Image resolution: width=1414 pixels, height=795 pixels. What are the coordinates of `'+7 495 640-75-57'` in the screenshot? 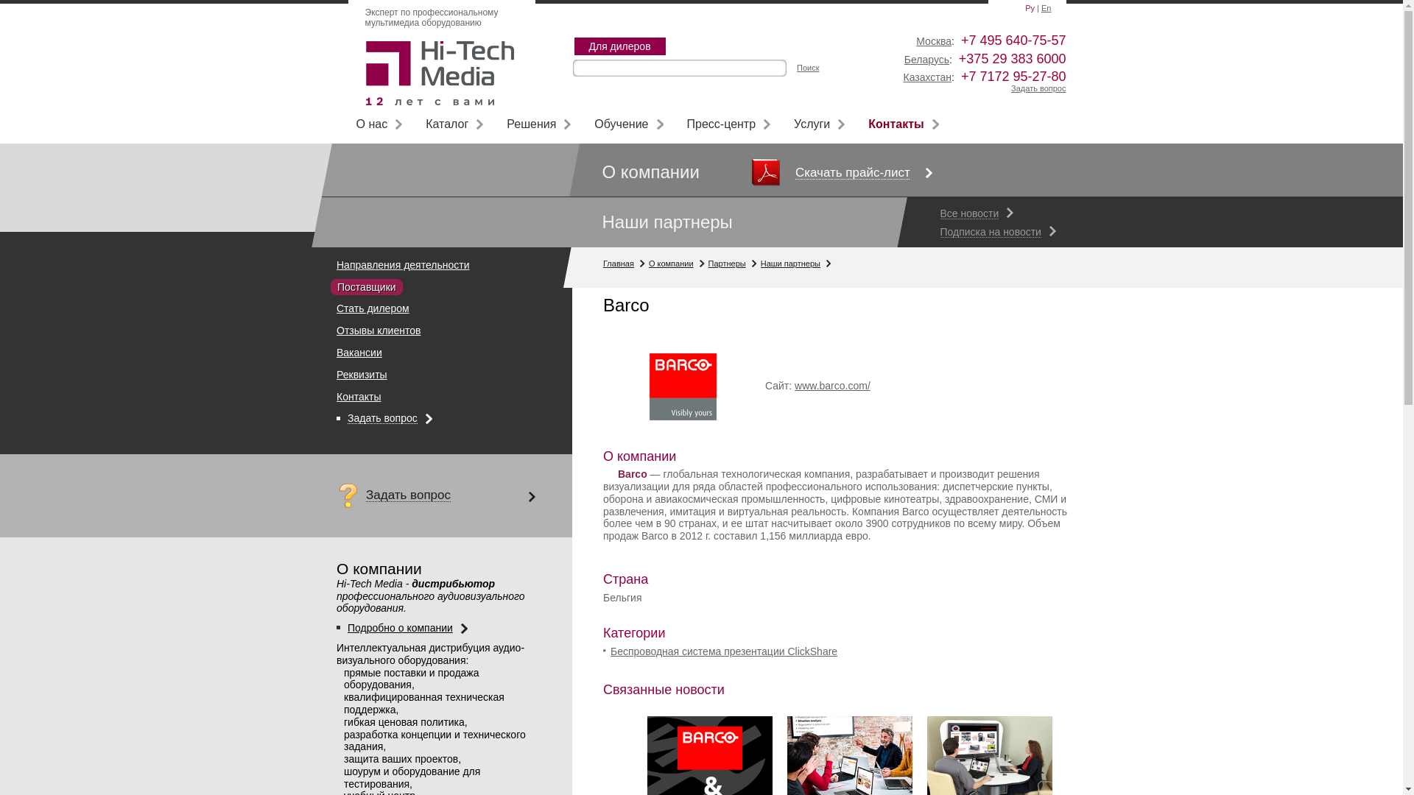 It's located at (1013, 39).